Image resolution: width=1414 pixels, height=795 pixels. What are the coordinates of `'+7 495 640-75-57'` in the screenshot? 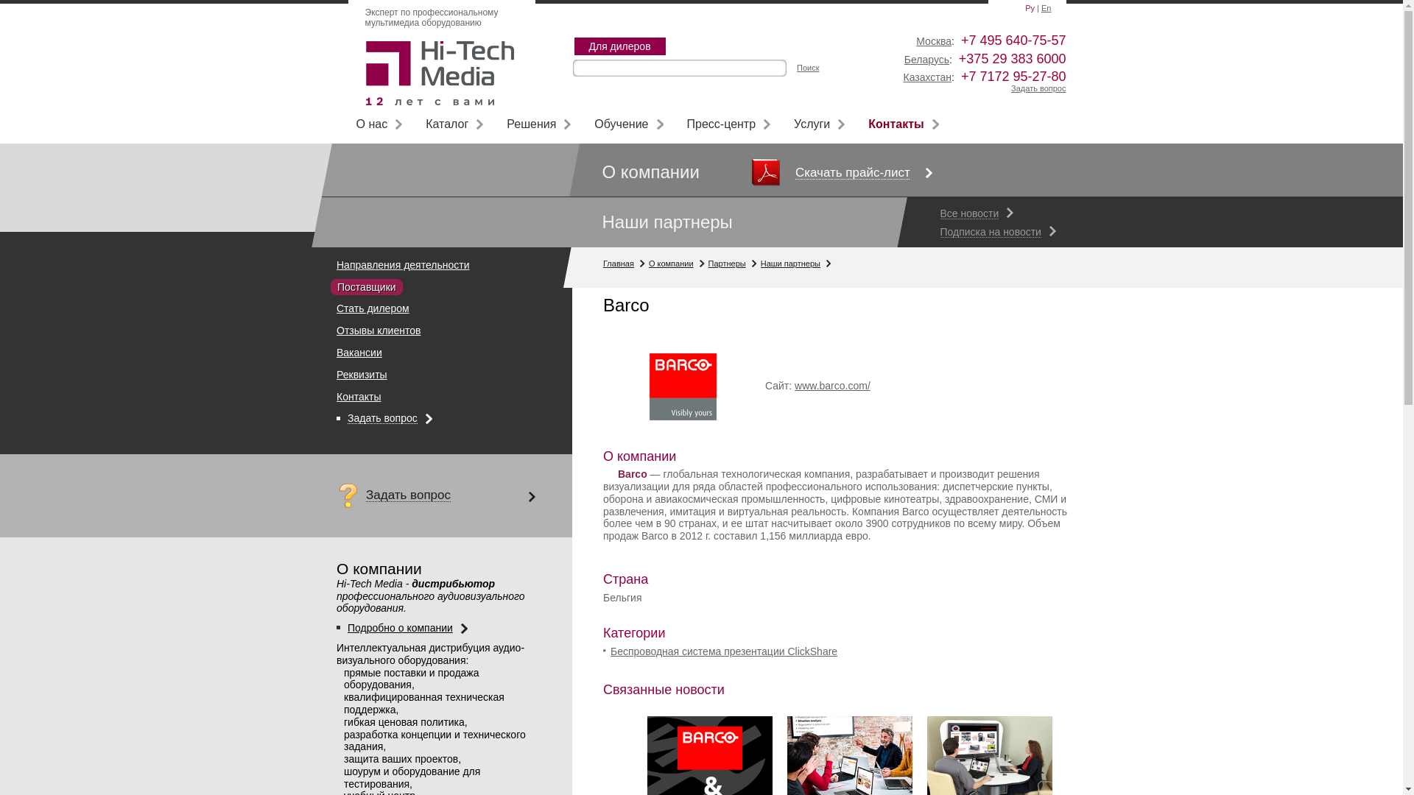 It's located at (1013, 39).